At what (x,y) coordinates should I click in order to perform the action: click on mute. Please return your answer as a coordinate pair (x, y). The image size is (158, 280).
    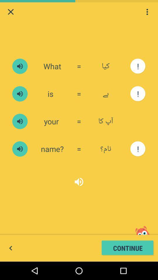
    Looking at the image, I should click on (20, 94).